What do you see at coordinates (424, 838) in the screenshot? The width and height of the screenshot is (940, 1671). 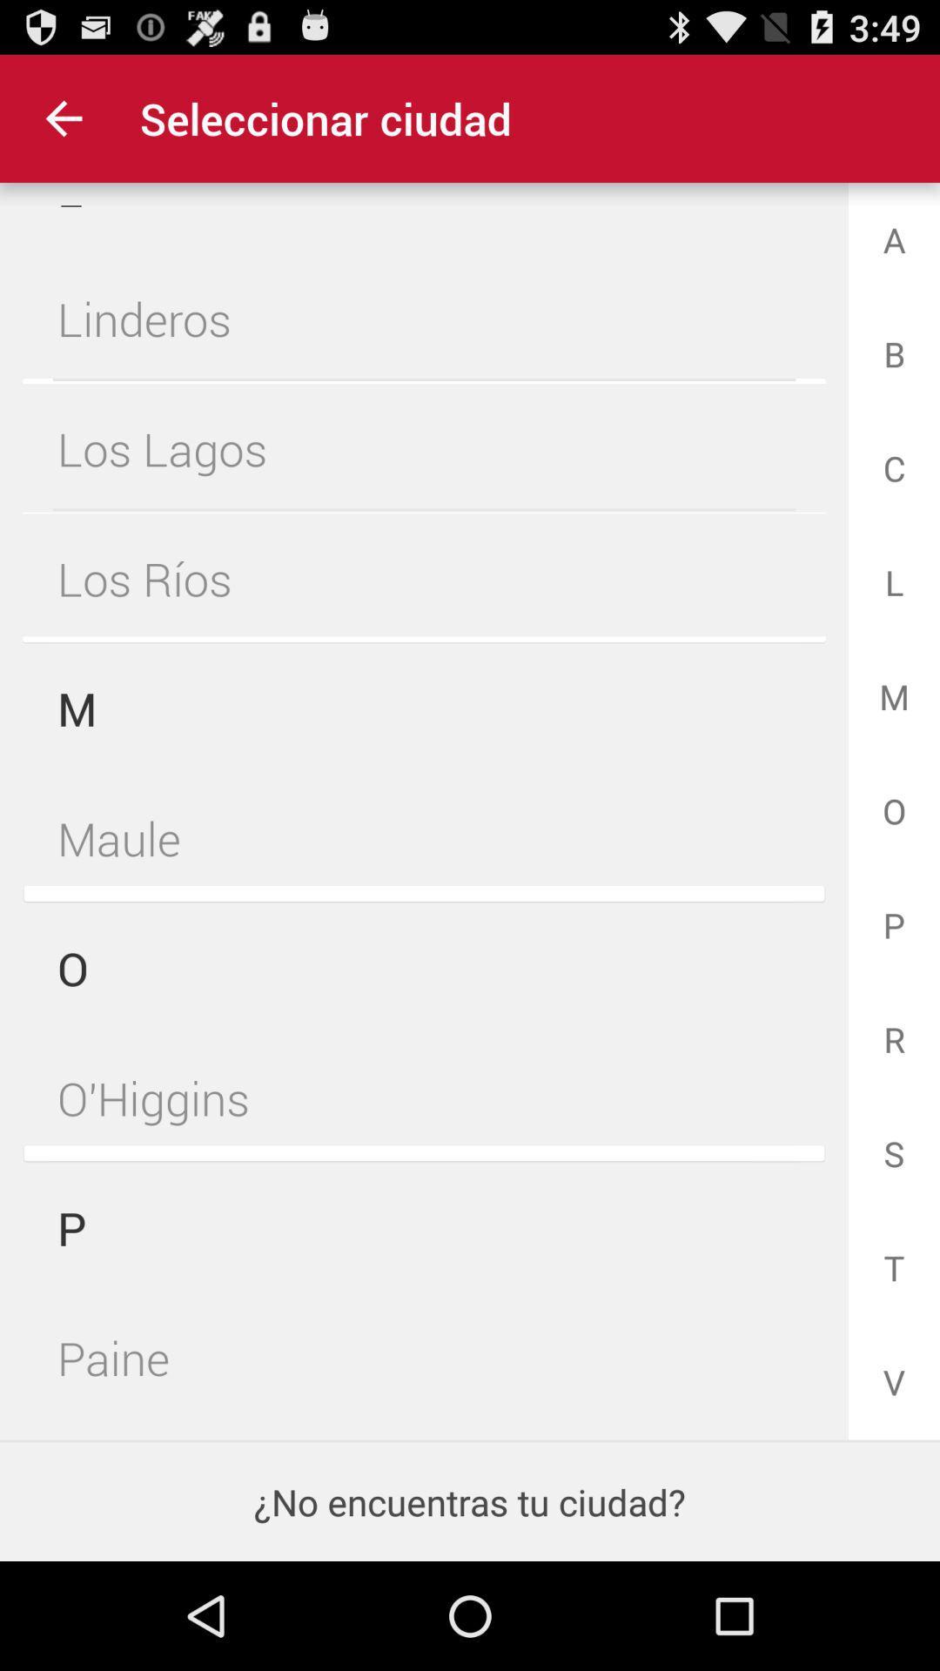 I see `the maule icon` at bounding box center [424, 838].